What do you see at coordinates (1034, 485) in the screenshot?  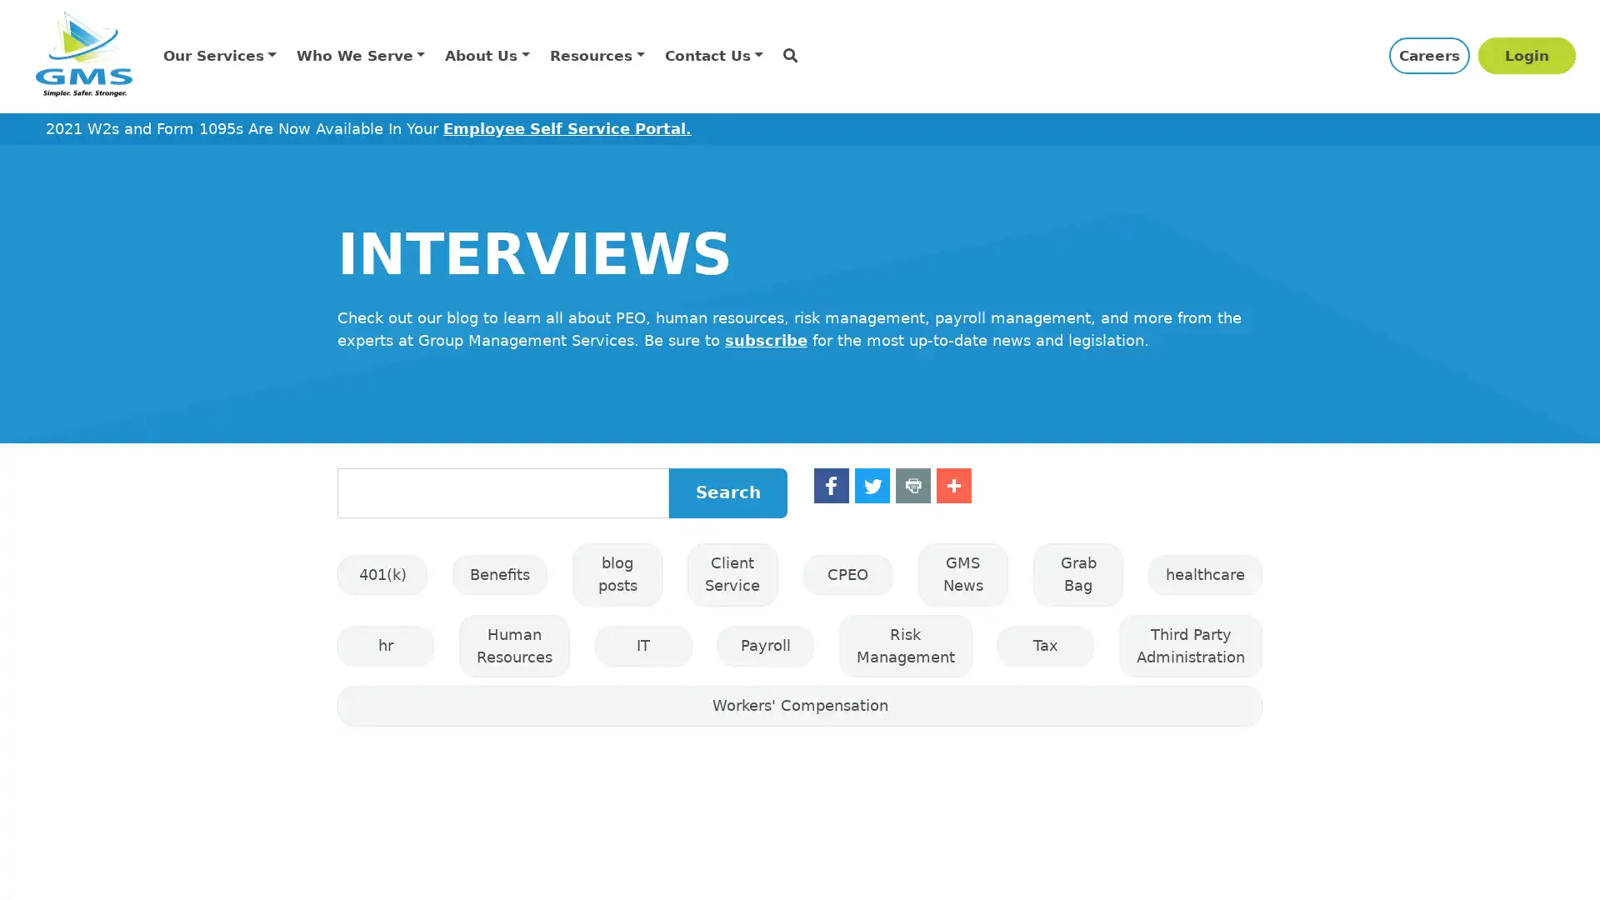 I see `Share to Print Print` at bounding box center [1034, 485].